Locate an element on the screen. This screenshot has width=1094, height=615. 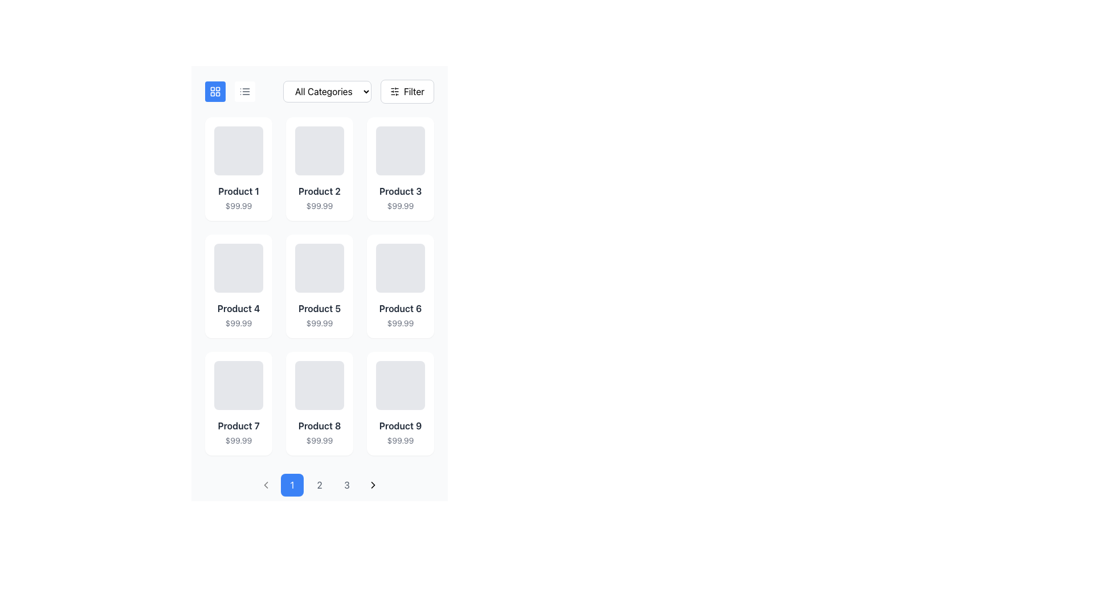
the toggle icon button located in the upper-left section of the interface, next to the grid view icon and preceding the 'All Categories' dropdown, to possibly view a tooltip is located at coordinates (244, 91).